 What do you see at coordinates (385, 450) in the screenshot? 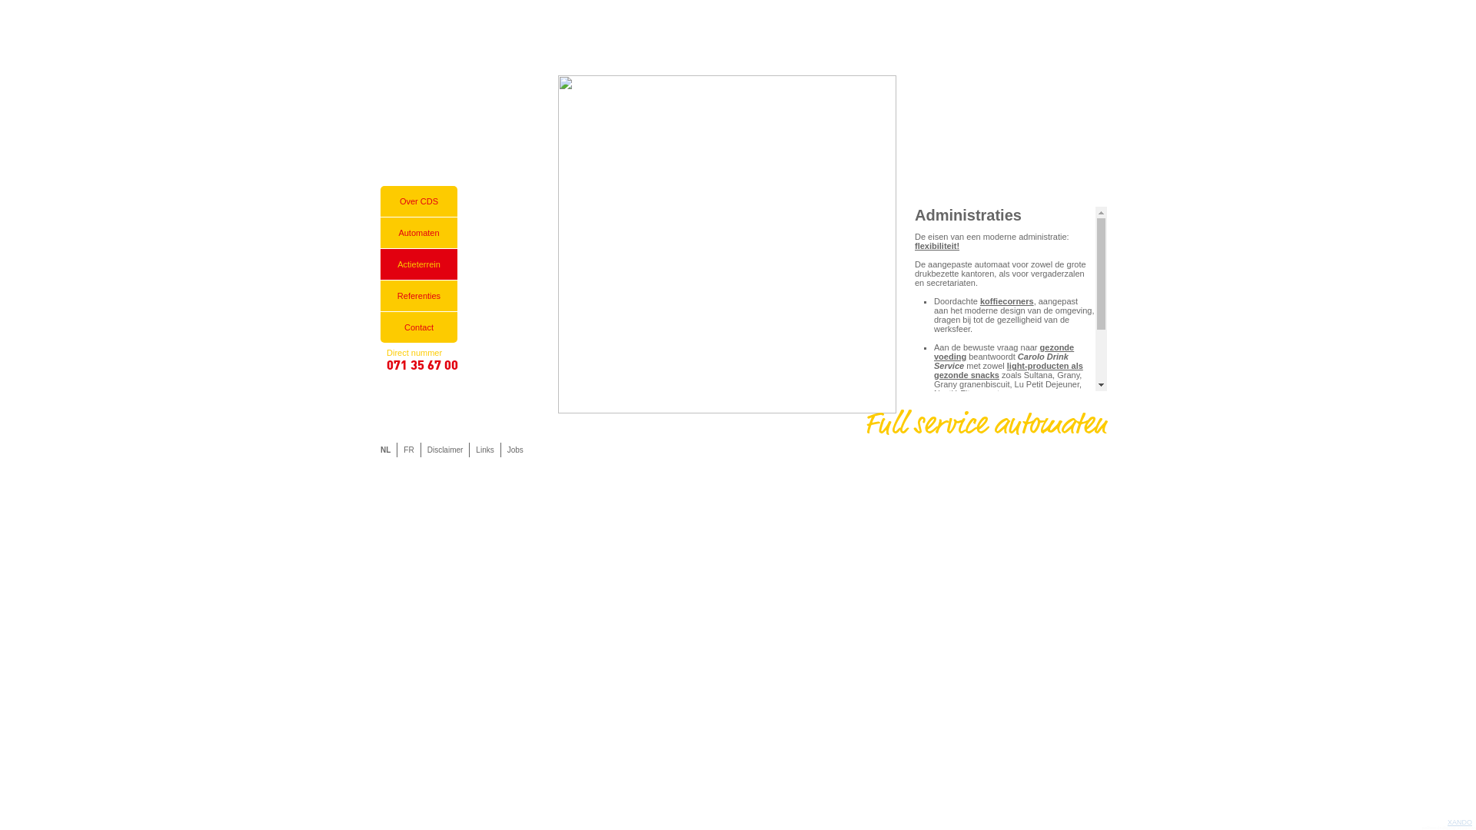
I see `'NL'` at bounding box center [385, 450].